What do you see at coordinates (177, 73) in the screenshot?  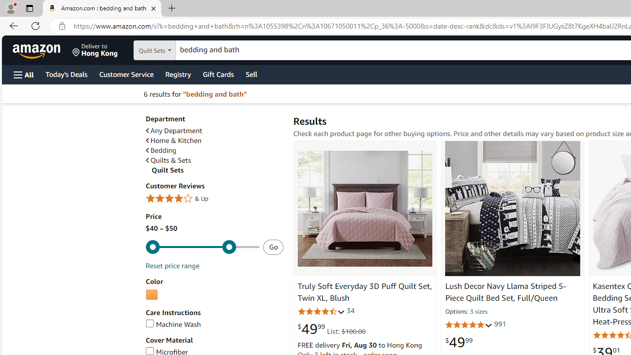 I see `'Registry'` at bounding box center [177, 73].